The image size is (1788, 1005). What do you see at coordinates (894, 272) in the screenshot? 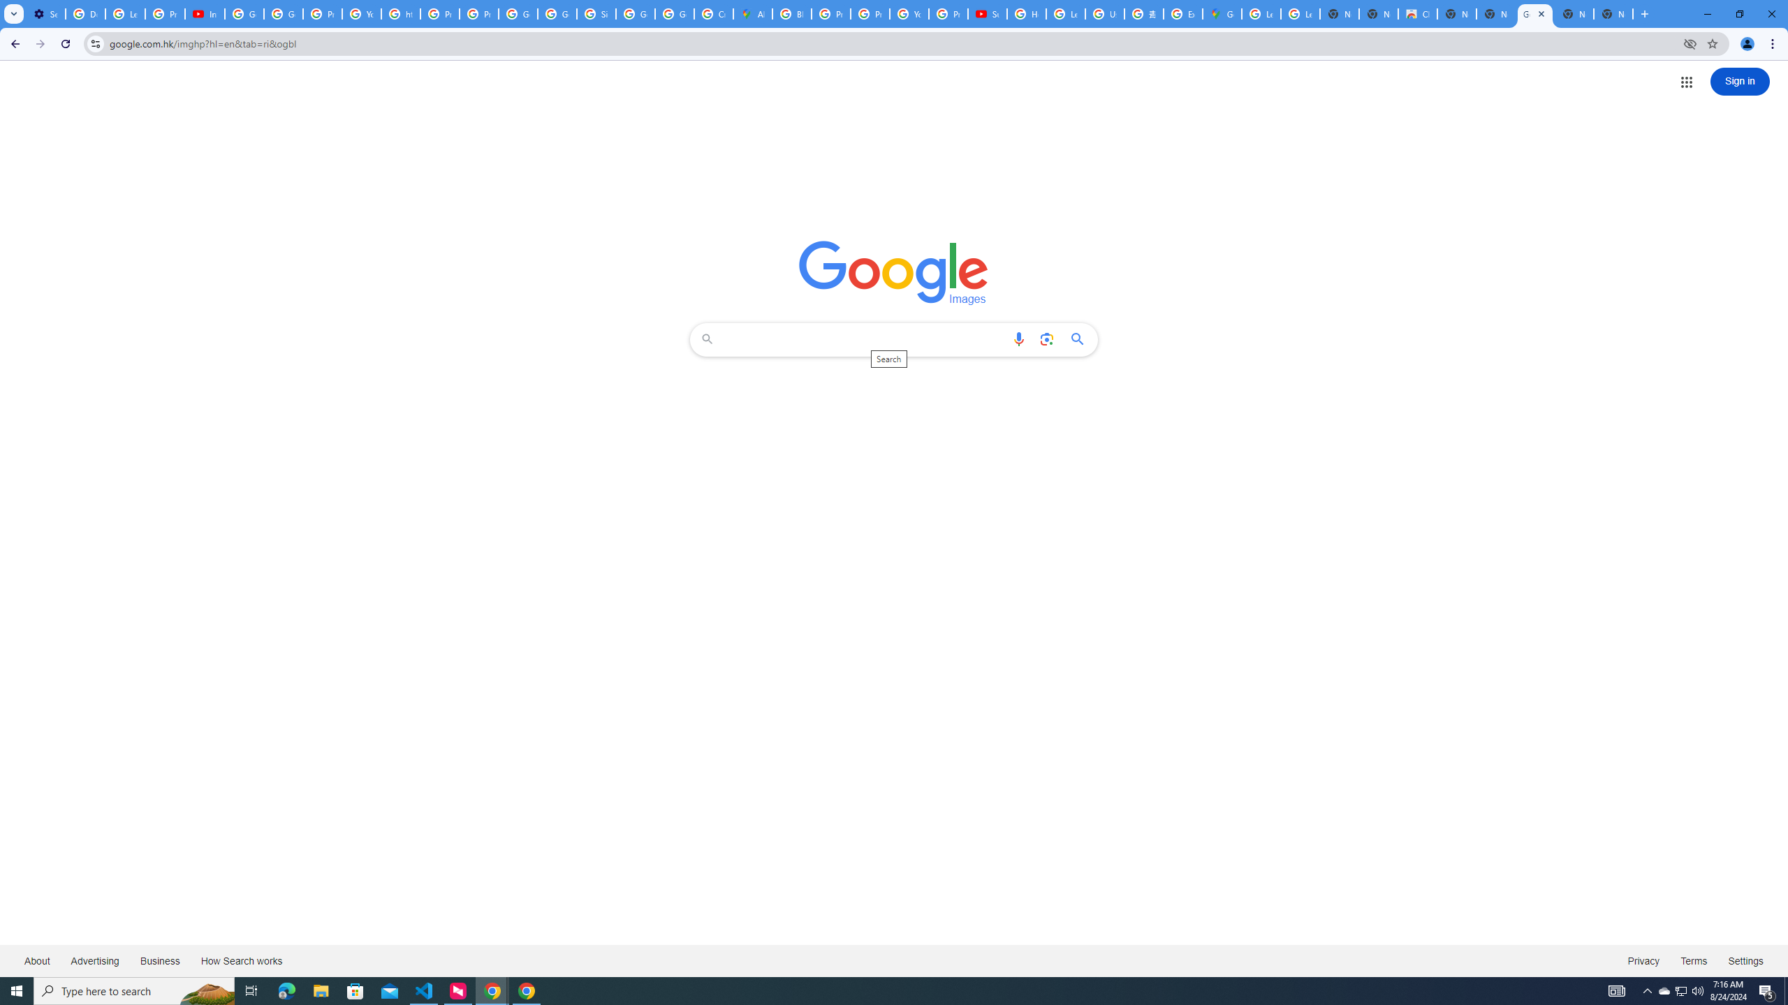
I see `'Google Images'` at bounding box center [894, 272].